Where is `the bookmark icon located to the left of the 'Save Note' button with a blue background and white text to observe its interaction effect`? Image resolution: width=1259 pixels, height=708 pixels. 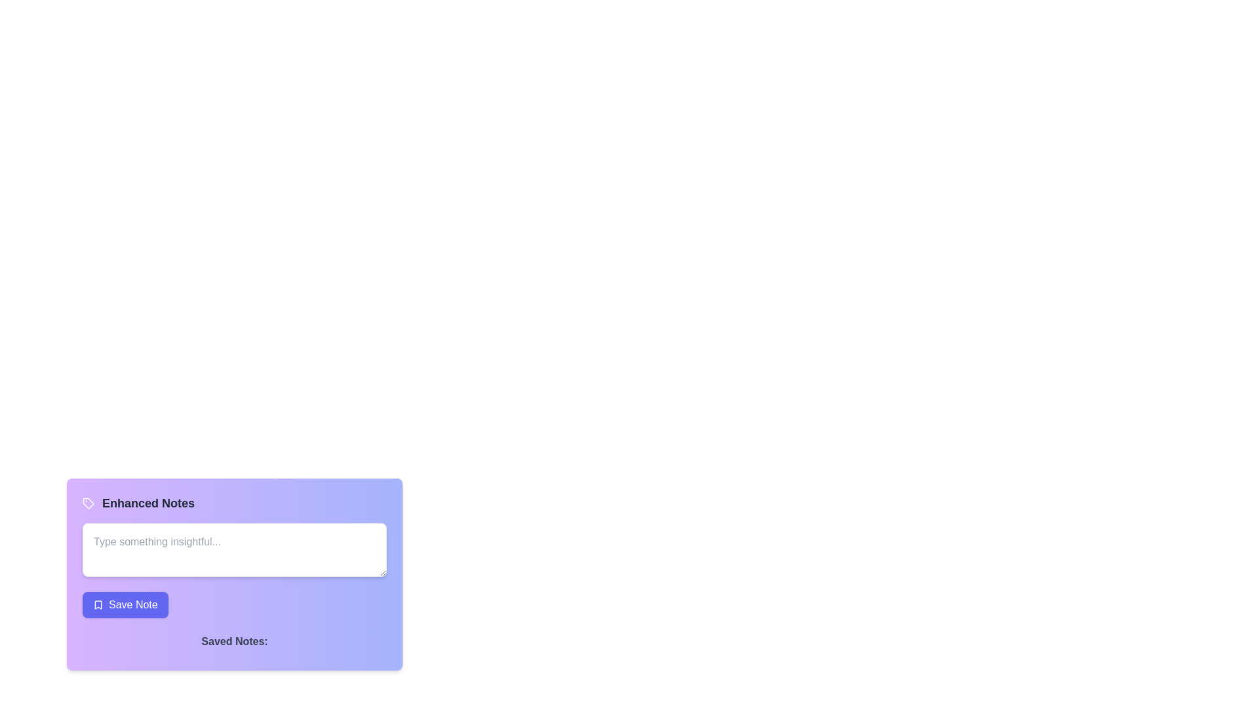 the bookmark icon located to the left of the 'Save Note' button with a blue background and white text to observe its interaction effect is located at coordinates (97, 604).